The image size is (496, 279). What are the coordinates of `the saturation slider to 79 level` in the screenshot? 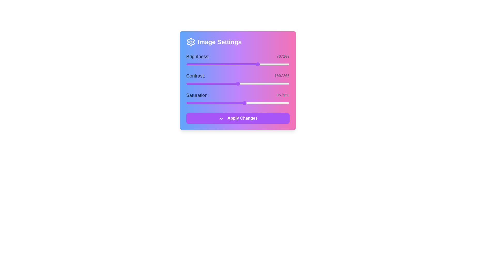 It's located at (240, 103).